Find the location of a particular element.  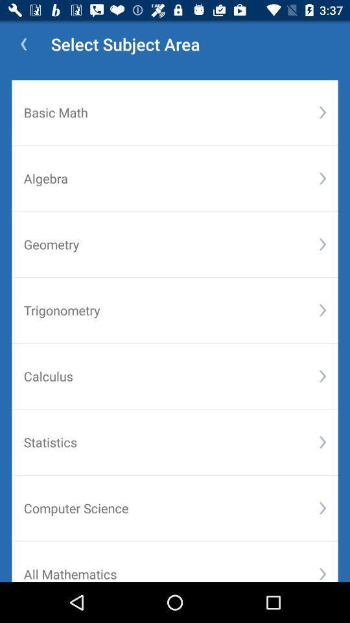

the icon below trigonometry is located at coordinates (321, 376).